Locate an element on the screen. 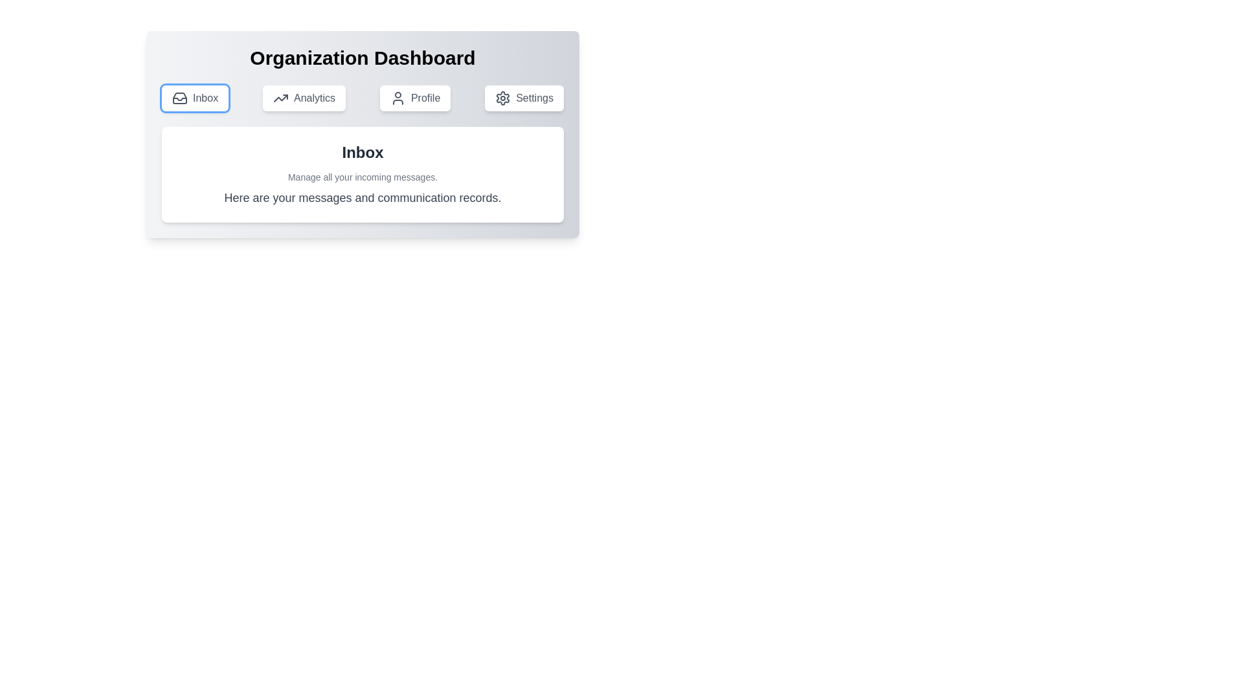 The width and height of the screenshot is (1243, 699). the static text element that contains the content 'Manage all your incoming messages.' which is styled in gray color and positioned below the 'Inbox' heading is located at coordinates (363, 177).